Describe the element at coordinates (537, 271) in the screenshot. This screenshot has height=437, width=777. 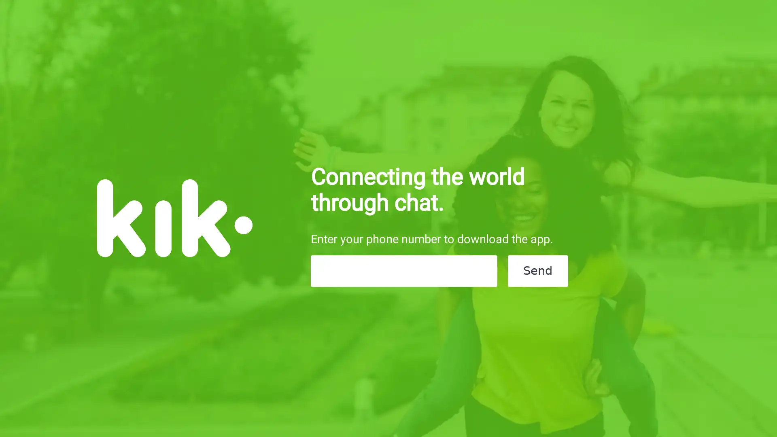
I see `Send` at that location.